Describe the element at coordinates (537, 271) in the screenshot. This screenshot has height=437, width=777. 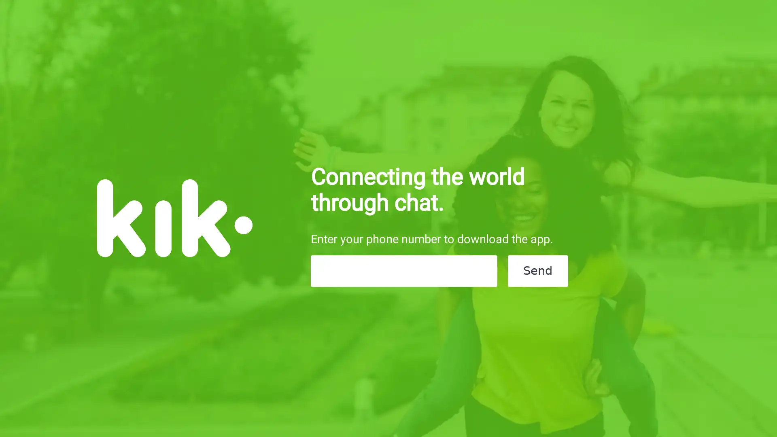
I see `Send` at that location.